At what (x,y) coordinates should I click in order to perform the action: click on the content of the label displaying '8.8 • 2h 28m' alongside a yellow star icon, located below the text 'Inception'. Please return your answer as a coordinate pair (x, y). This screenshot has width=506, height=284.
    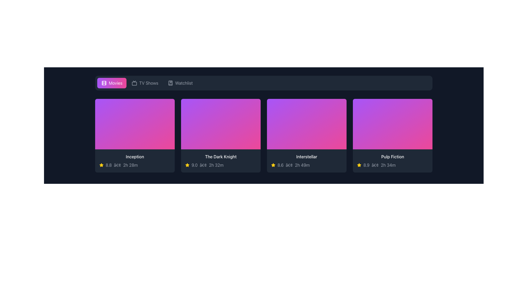
    Looking at the image, I should click on (135, 165).